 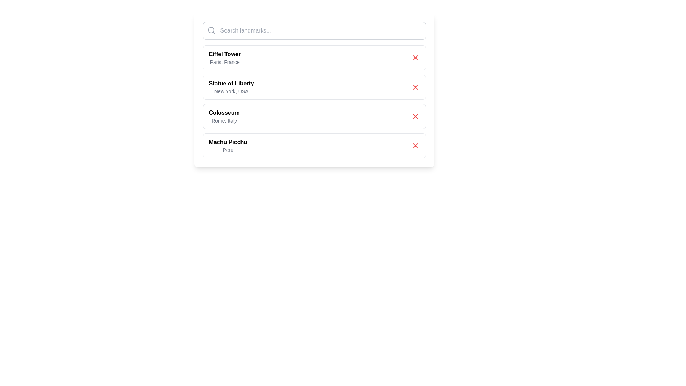 I want to click on the Close button (SVG component) located to the right of the text 'Machu Picchu, Peru', so click(x=415, y=145).